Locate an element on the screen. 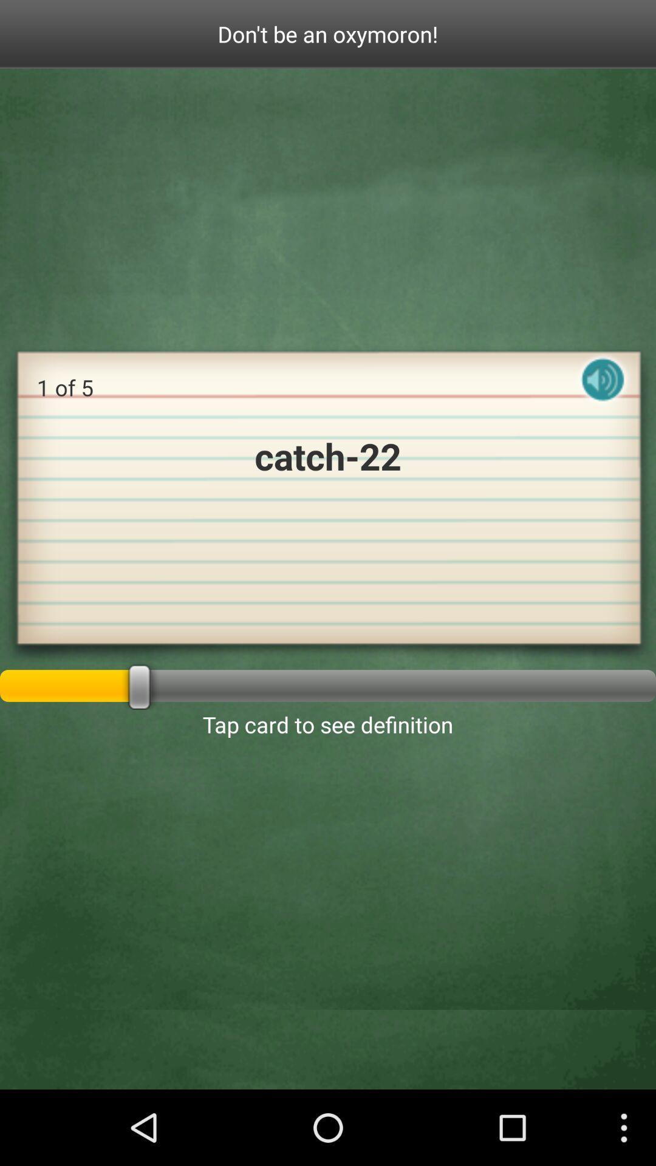 The width and height of the screenshot is (656, 1166). the item next to catch-22 icon is located at coordinates (603, 390).